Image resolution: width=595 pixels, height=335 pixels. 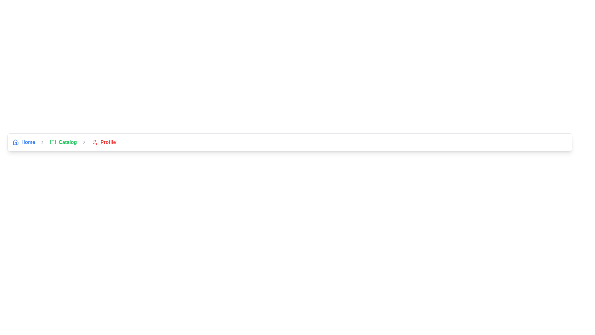 I want to click on the small green open book icon located to the left of the 'Catalog' text in the breadcrumb navigation bar, so click(x=53, y=142).